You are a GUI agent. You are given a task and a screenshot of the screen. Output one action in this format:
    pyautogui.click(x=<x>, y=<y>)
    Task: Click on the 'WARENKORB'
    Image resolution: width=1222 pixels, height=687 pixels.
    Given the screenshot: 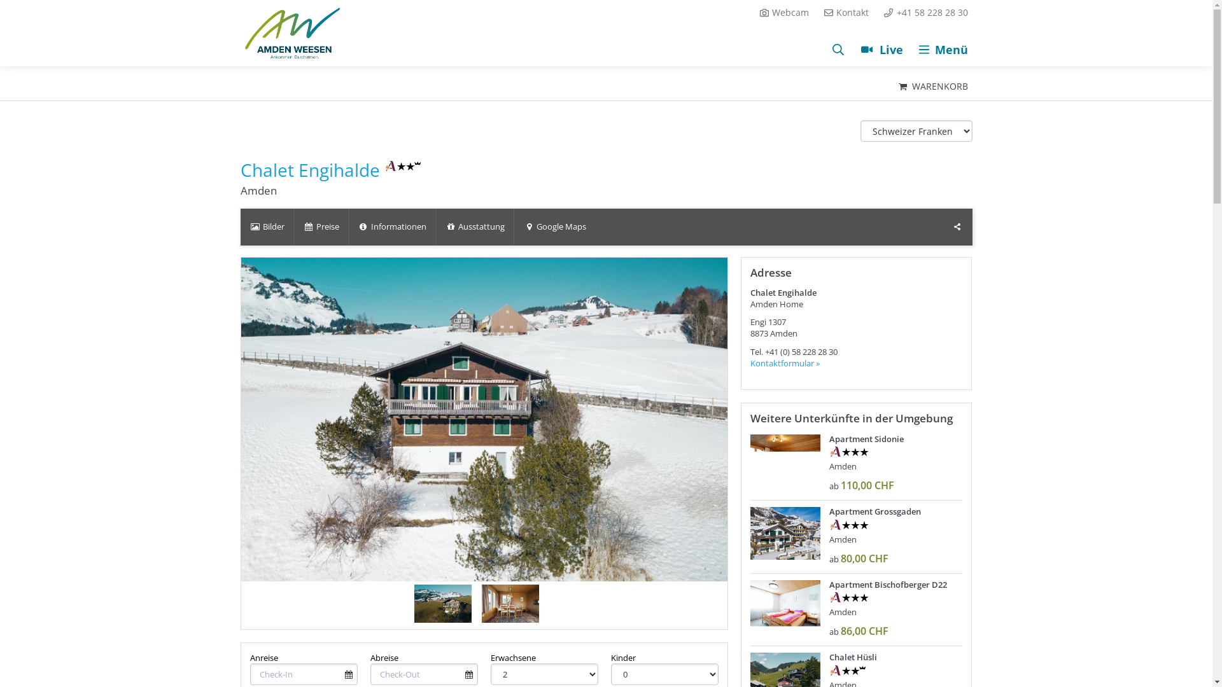 What is the action you would take?
    pyautogui.click(x=932, y=86)
    